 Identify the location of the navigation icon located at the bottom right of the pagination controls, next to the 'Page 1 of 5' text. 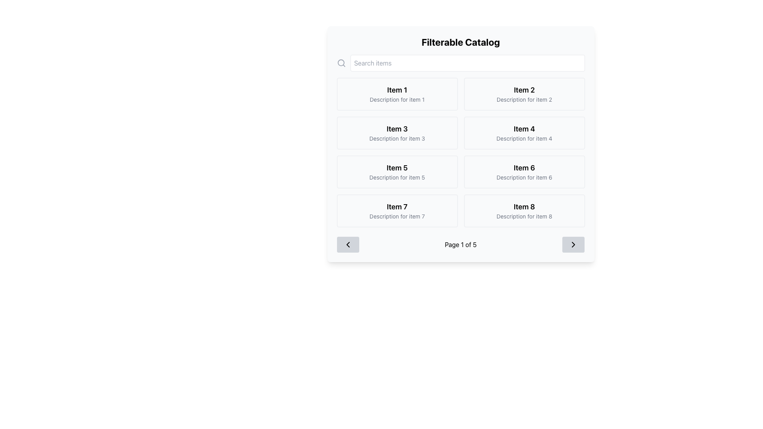
(573, 244).